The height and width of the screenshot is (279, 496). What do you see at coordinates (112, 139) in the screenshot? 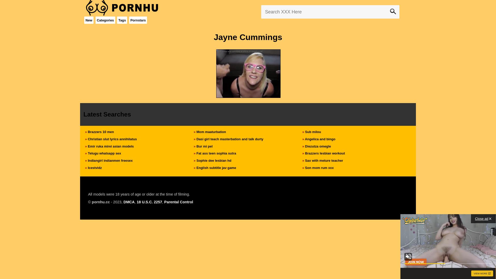
I see `'Christian slut lyrics annihilatus'` at bounding box center [112, 139].